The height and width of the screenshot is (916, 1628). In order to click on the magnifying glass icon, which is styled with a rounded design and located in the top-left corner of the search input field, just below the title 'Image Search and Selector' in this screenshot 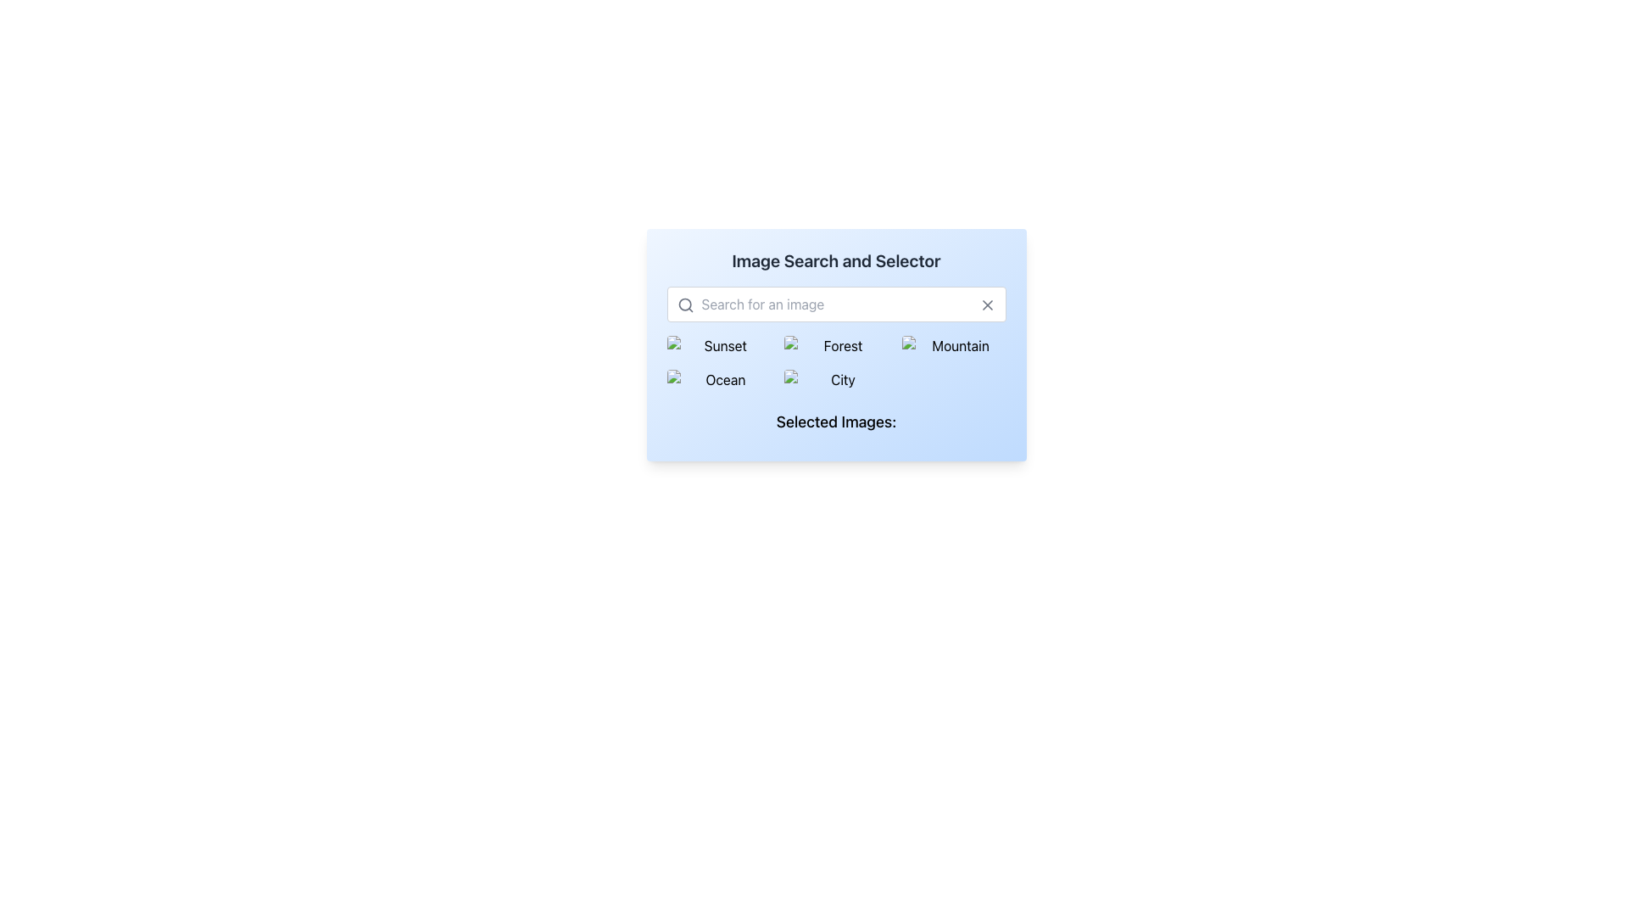, I will do `click(685, 304)`.